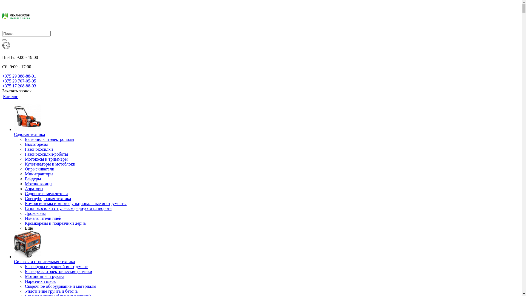 This screenshot has width=526, height=296. Describe the element at coordinates (19, 81) in the screenshot. I see `'+375 29 707-05-05'` at that location.